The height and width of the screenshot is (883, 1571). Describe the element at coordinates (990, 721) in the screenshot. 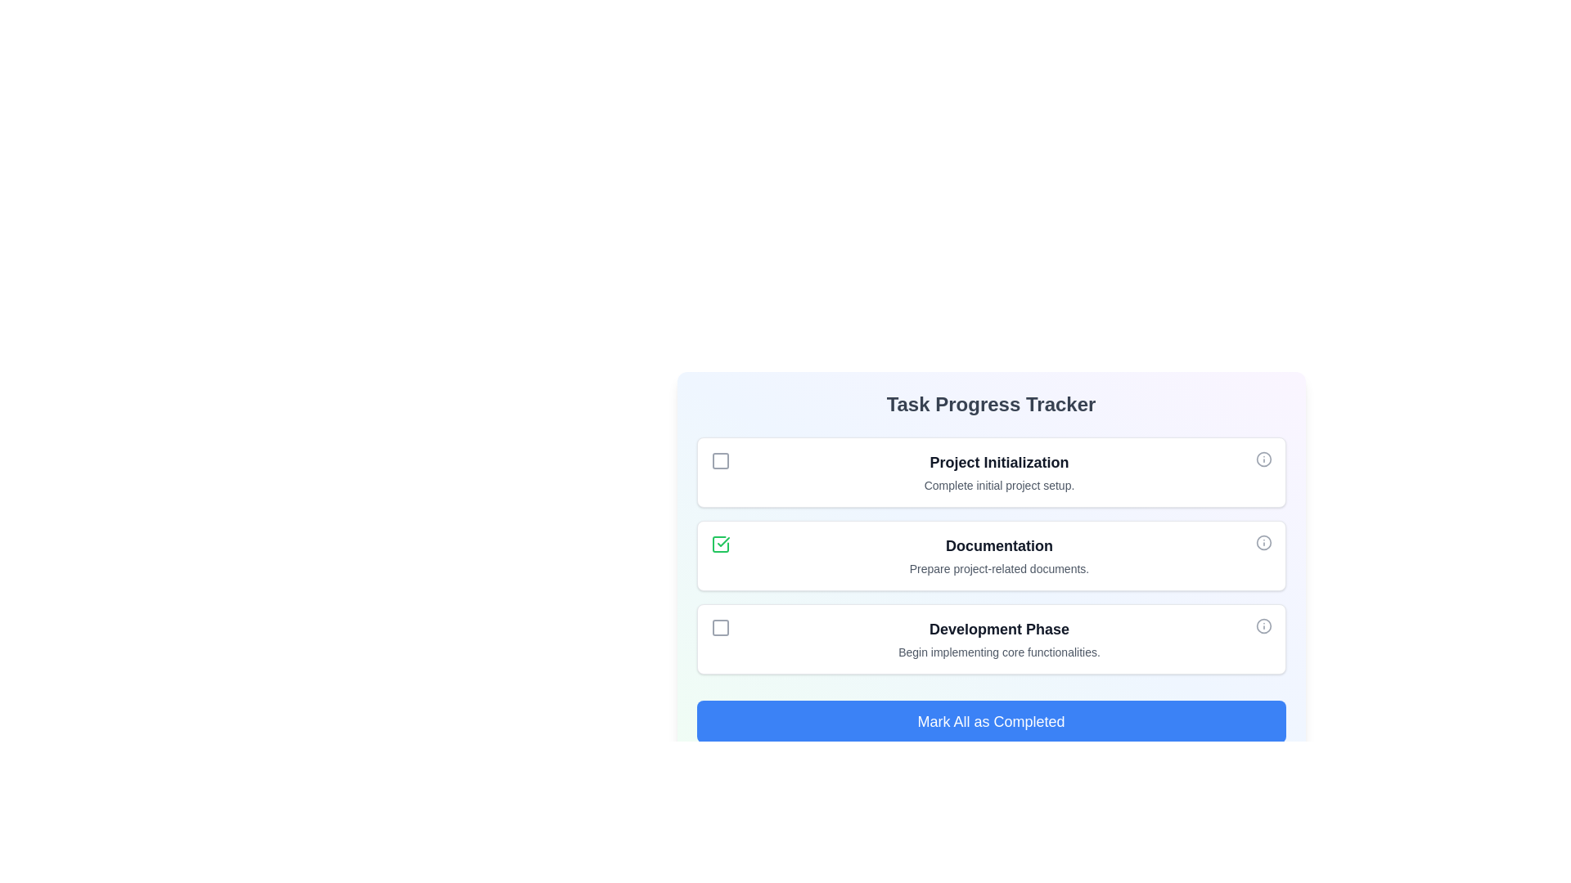

I see `the 'Mark All as Completed' button, which is styled with a blue background and white text` at that location.